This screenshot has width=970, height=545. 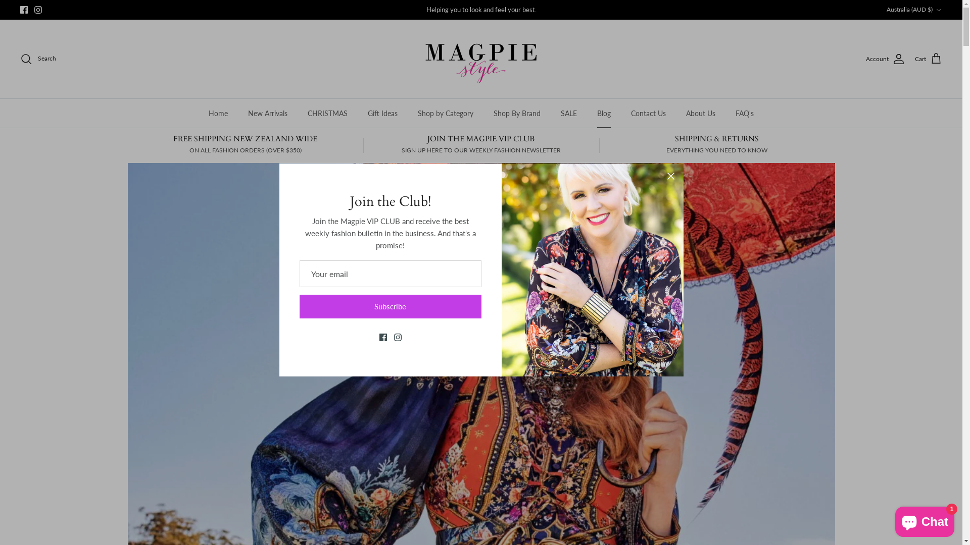 What do you see at coordinates (517, 113) in the screenshot?
I see `'Shop By Brand'` at bounding box center [517, 113].